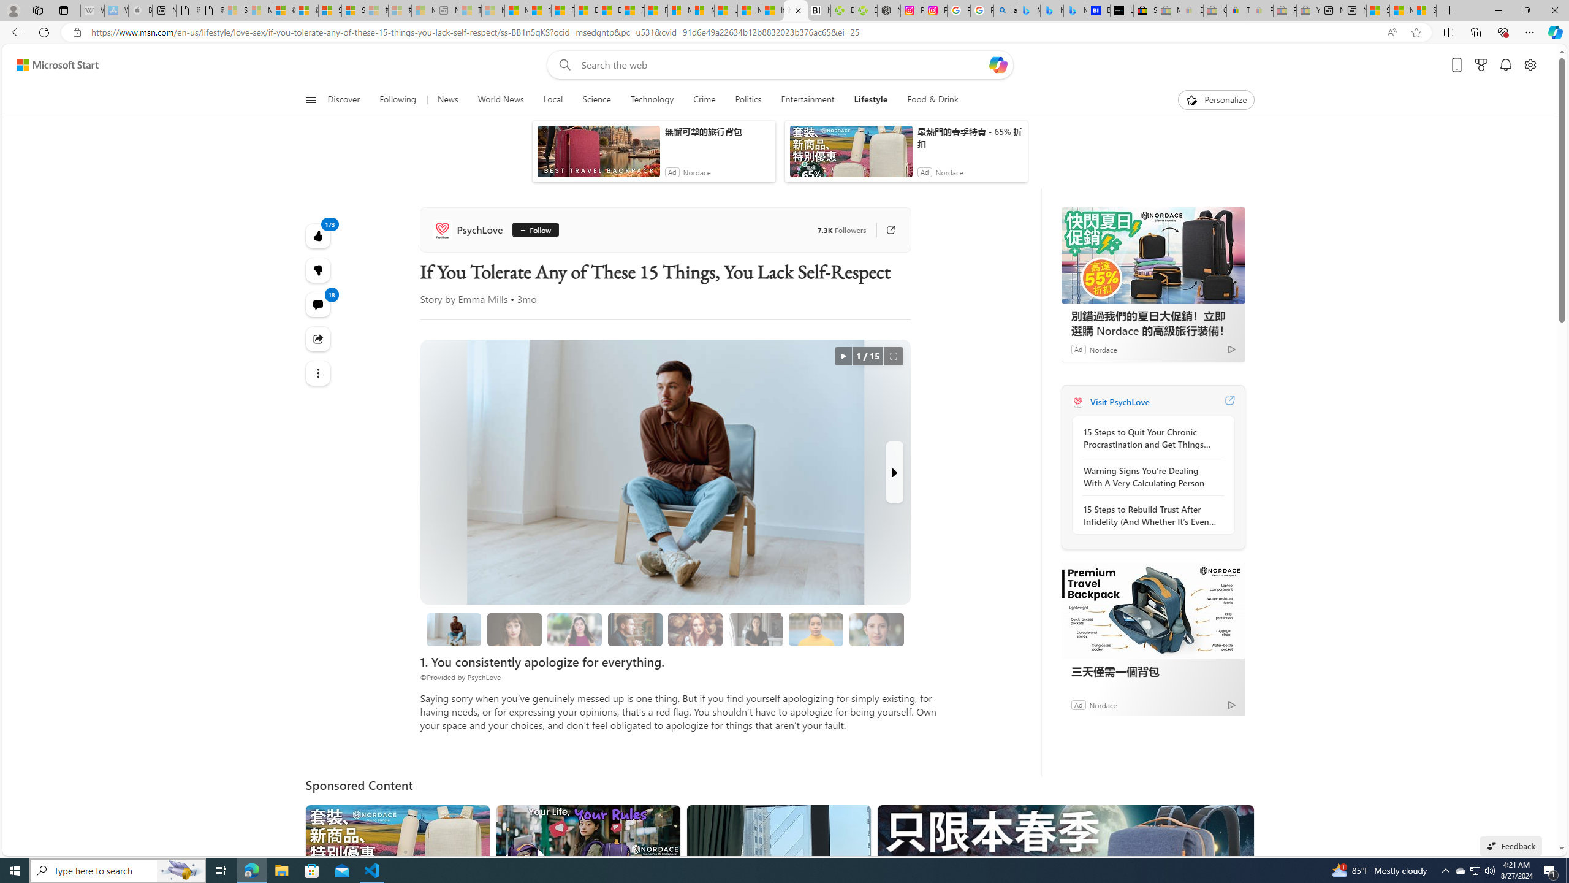 This screenshot has height=883, width=1569. Describe the element at coordinates (92, 10) in the screenshot. I see `'Wikipedia - Sleeping'` at that location.